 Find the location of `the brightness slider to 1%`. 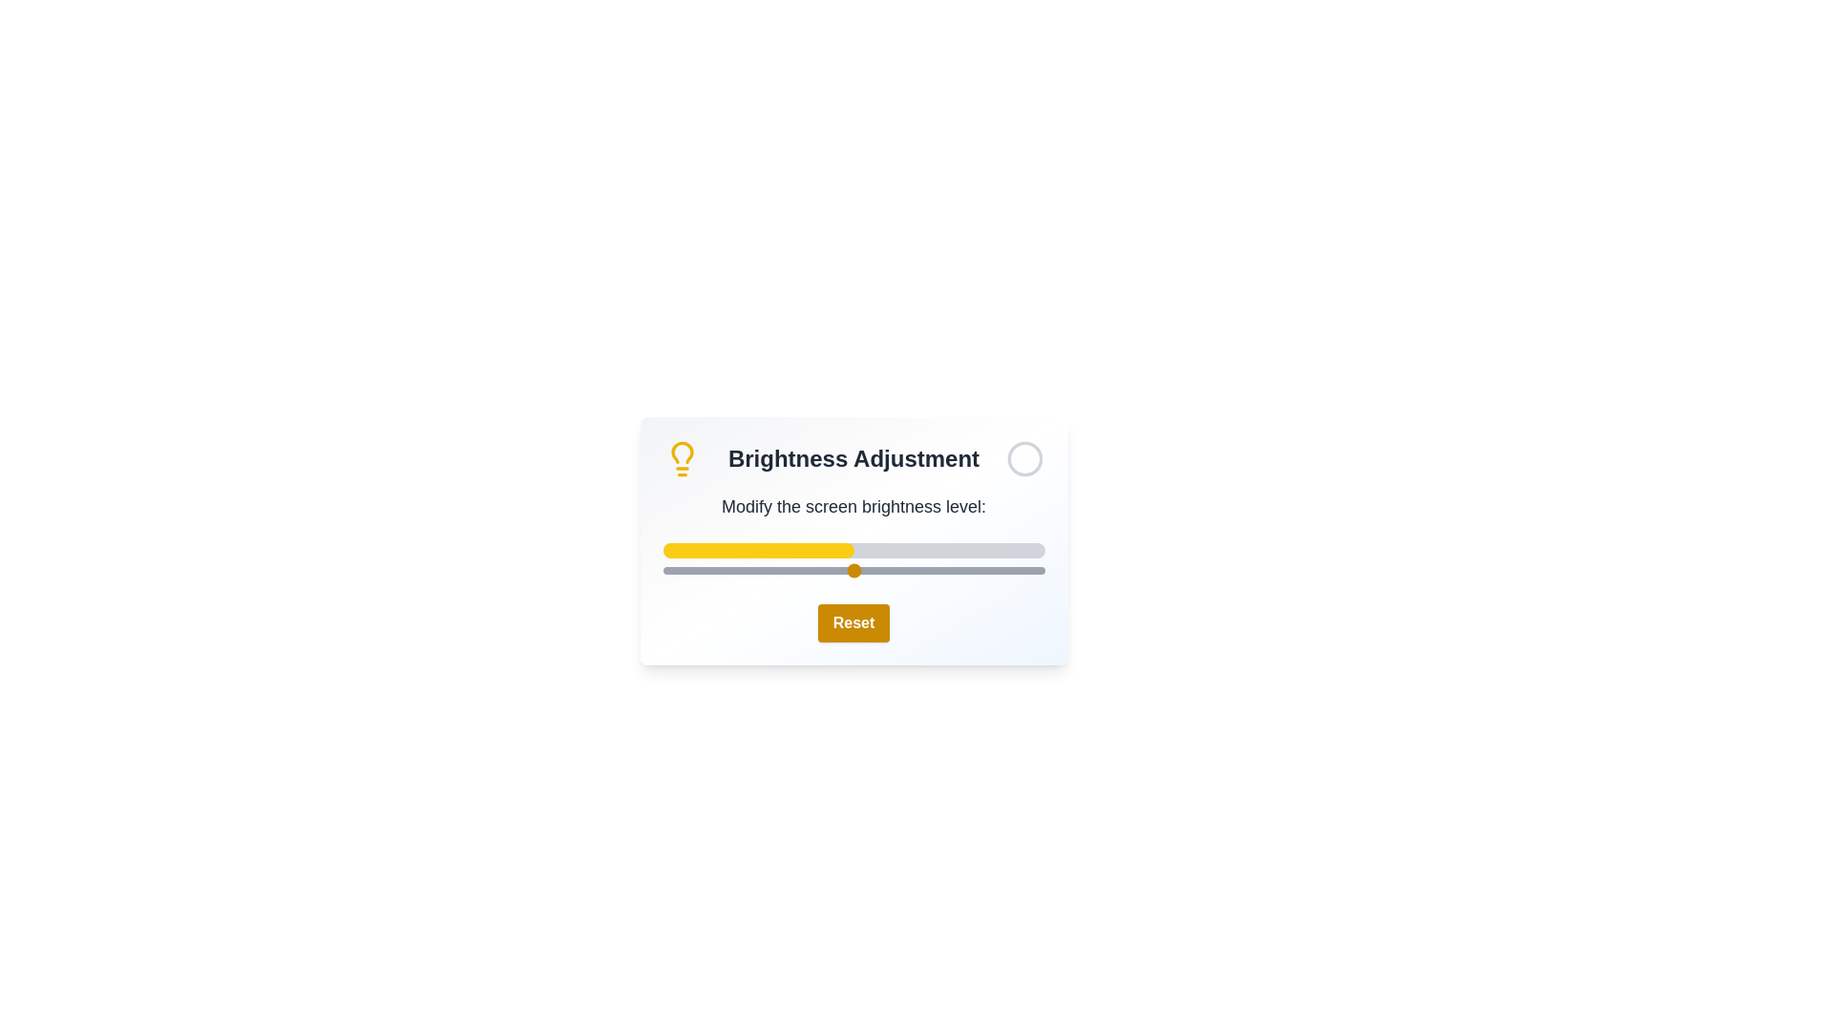

the brightness slider to 1% is located at coordinates (666, 569).